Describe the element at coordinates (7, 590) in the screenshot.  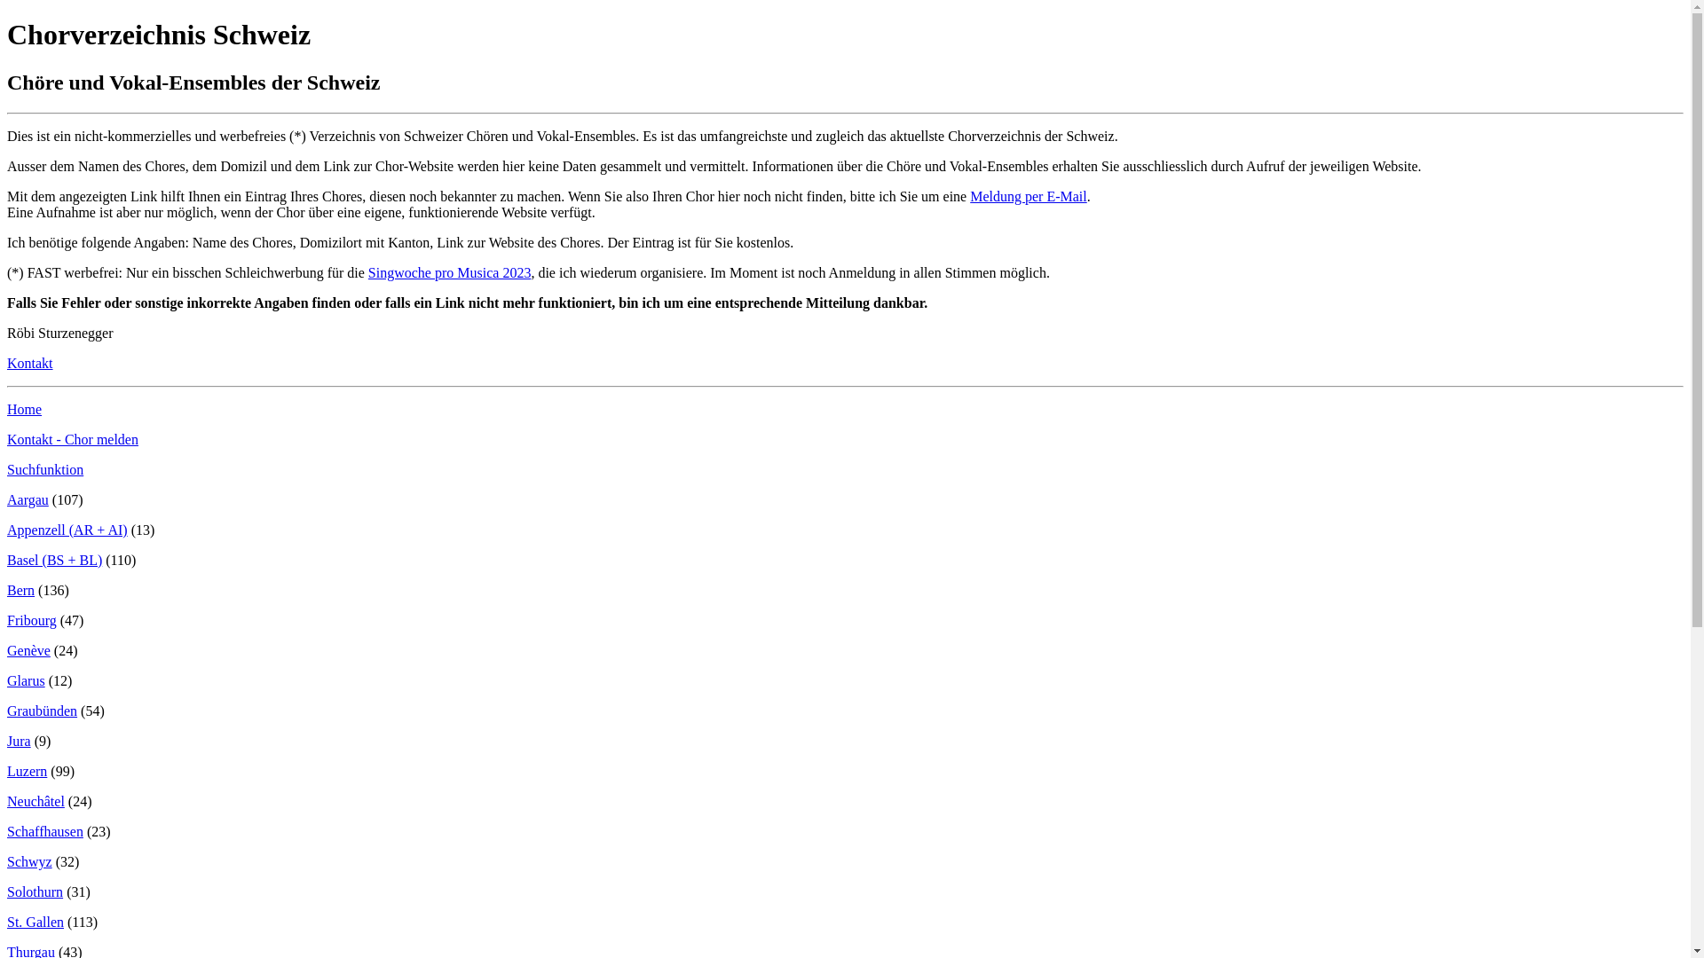
I see `'Bern'` at that location.